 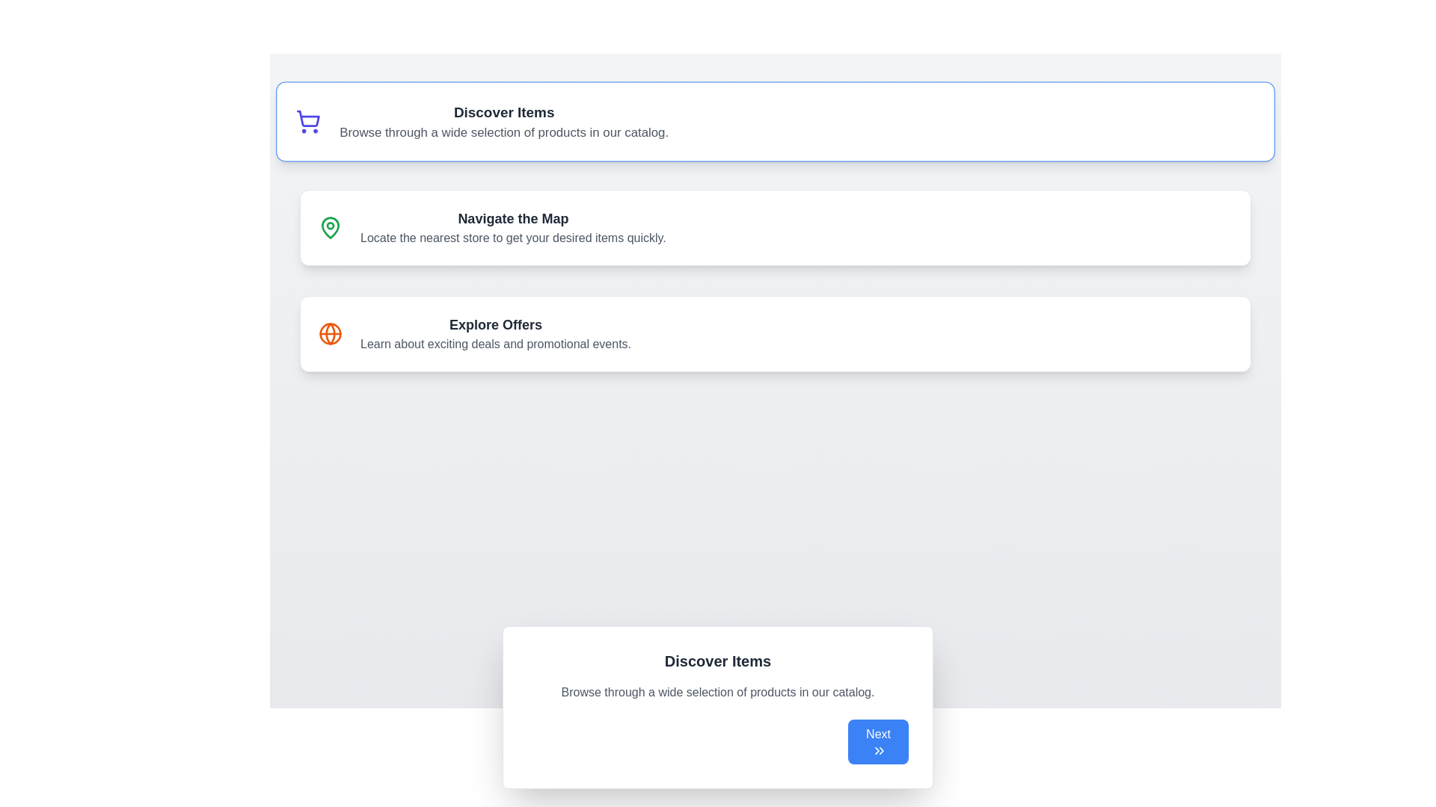 I want to click on text on the informational card that provides navigation assistance for maps and nearby stores, located in the second card of a vertical list of three cards, so click(x=513, y=227).